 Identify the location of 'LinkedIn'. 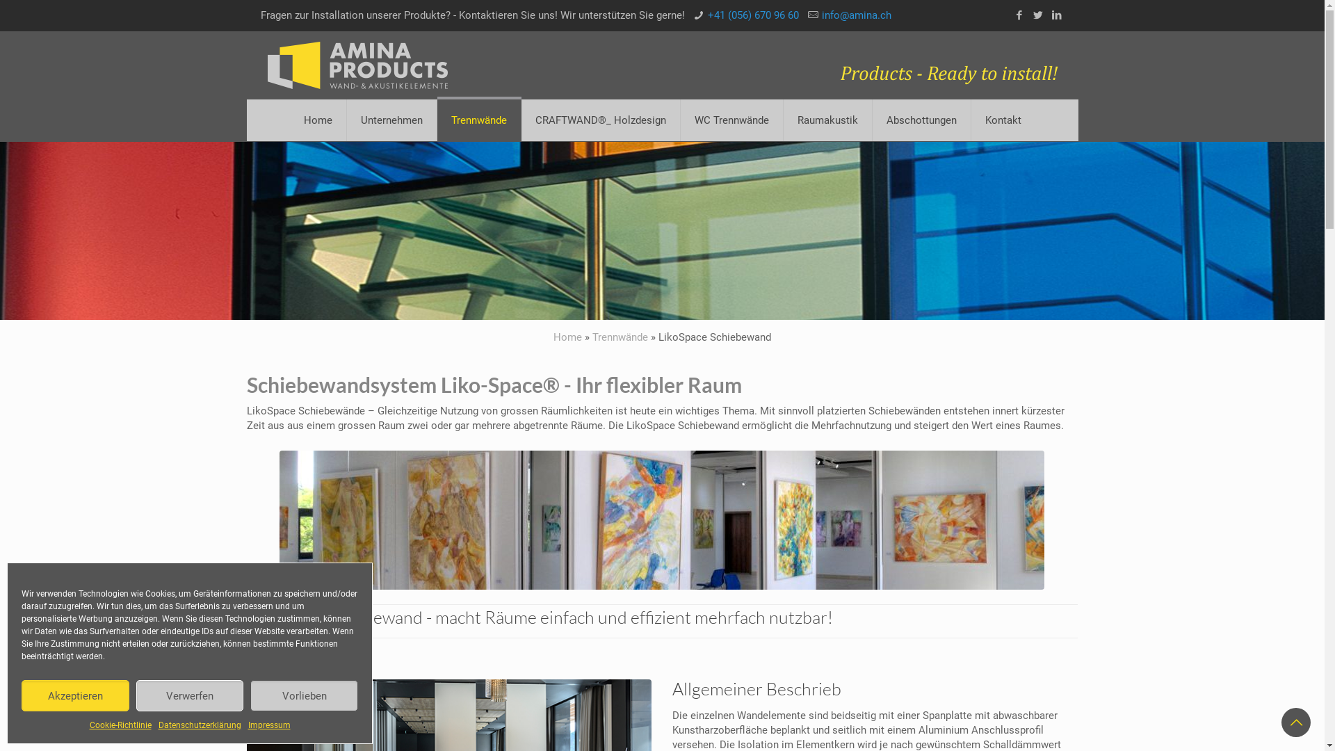
(1057, 15).